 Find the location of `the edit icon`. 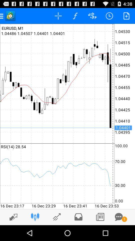

the edit icon is located at coordinates (12, 232).